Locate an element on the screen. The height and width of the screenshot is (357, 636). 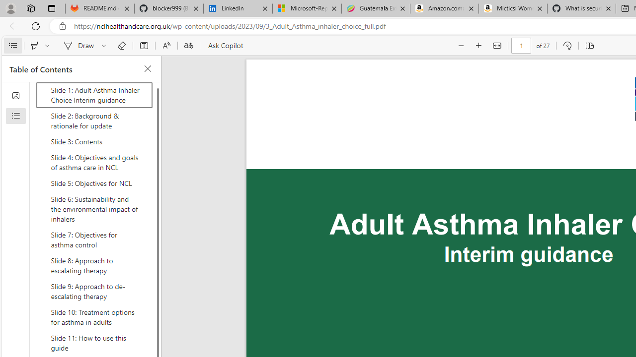
'Select ink properties' is located at coordinates (105, 46).